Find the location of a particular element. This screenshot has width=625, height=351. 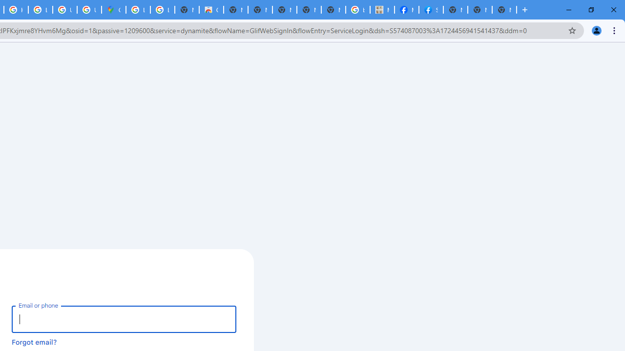

'Miley Cyrus | Facebook' is located at coordinates (406, 10).